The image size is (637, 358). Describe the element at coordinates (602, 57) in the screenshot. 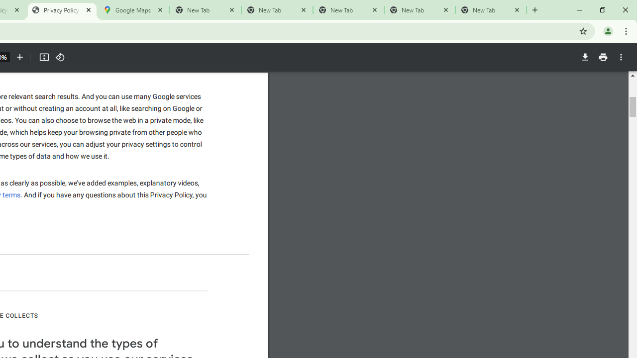

I see `'Print'` at that location.